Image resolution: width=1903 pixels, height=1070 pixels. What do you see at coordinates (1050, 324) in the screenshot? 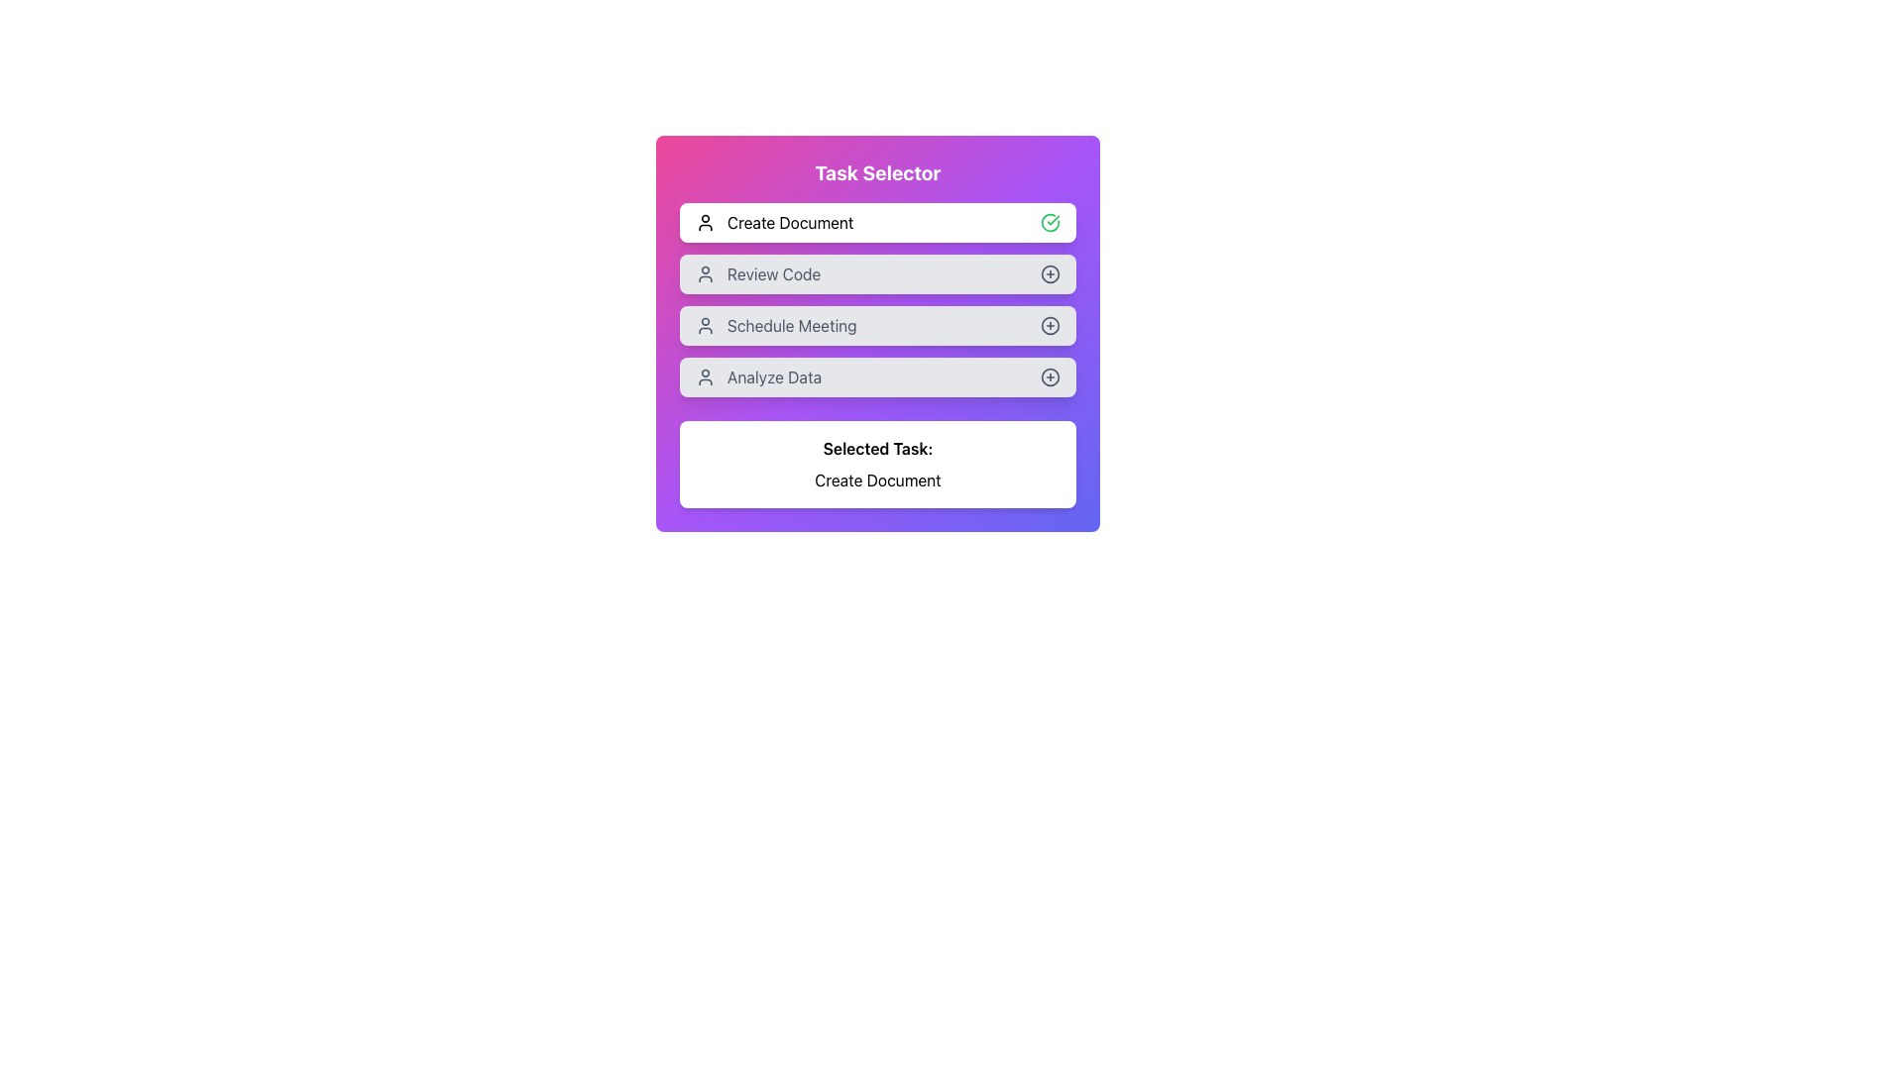
I see `the SVG circle graphical element representing the 'add' action for the 'Schedule Meeting' option, located in the rightmost section of the task list` at bounding box center [1050, 324].